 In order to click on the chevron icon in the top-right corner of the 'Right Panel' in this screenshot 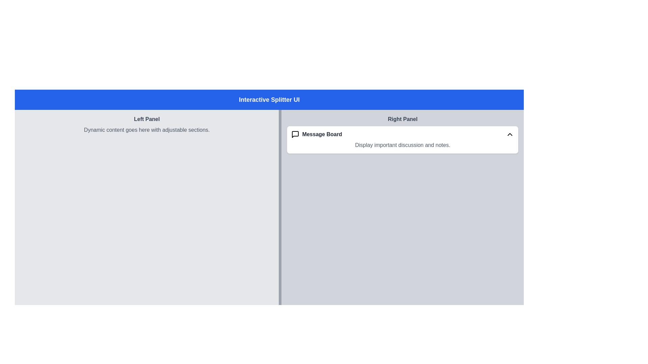, I will do `click(510, 134)`.